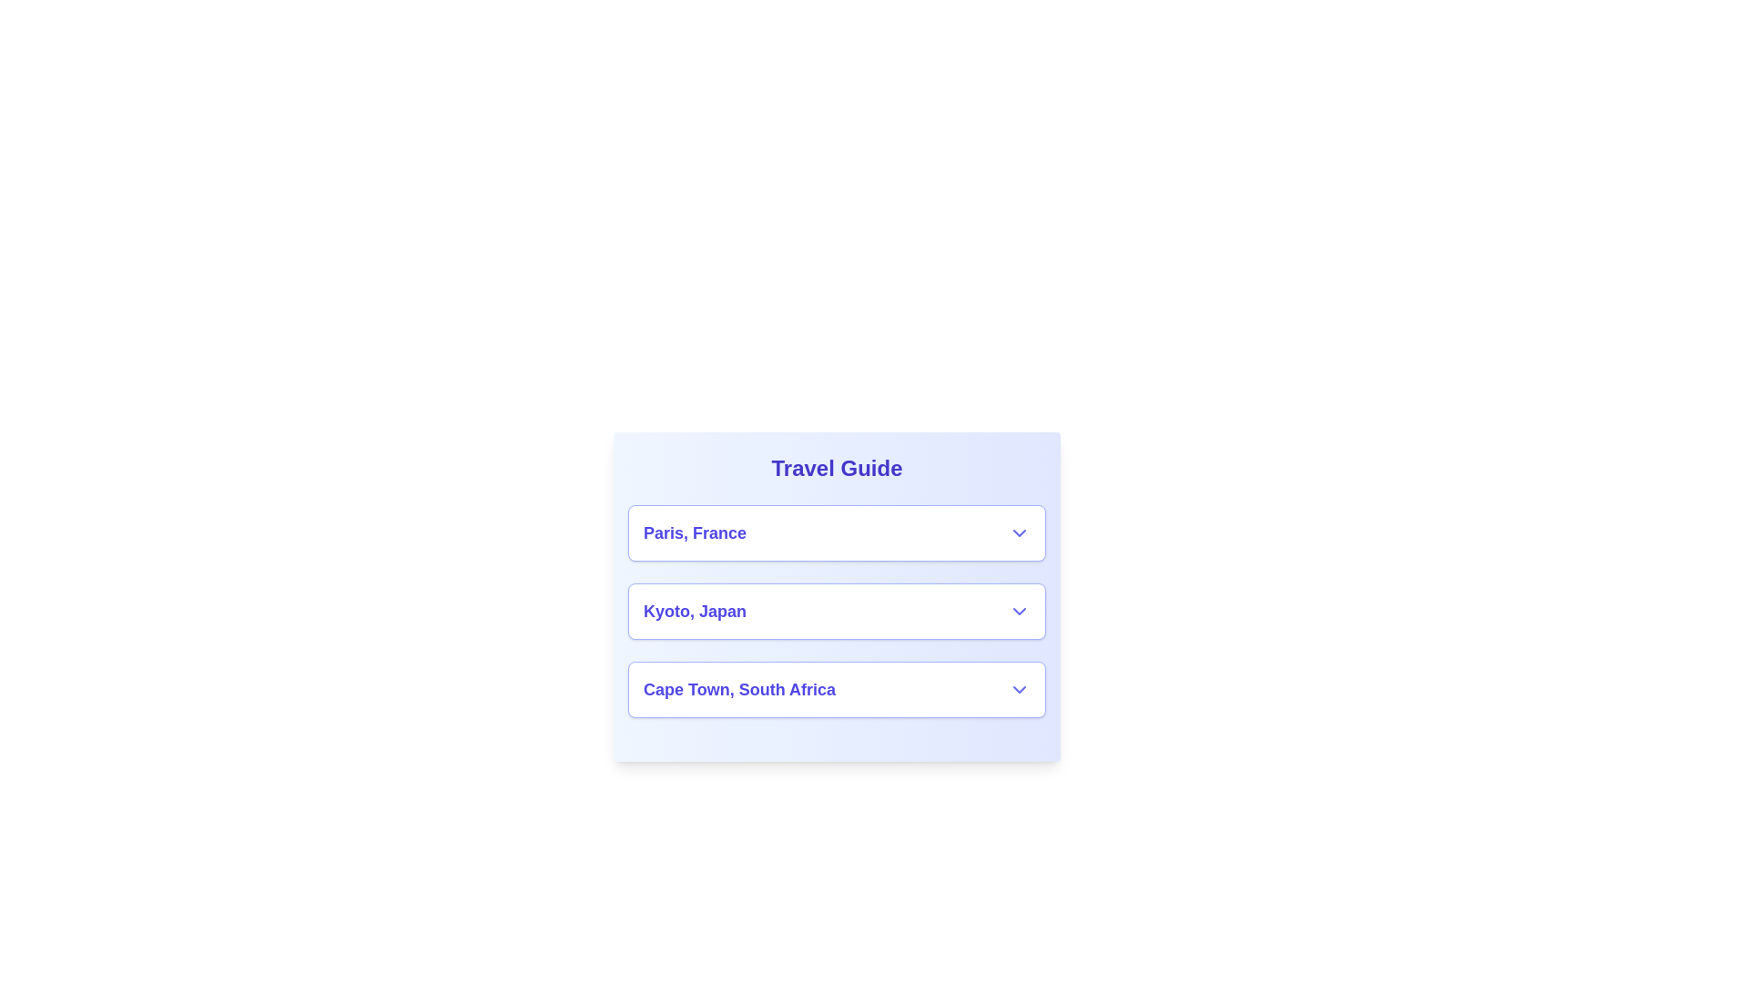  I want to click on the Text Label that serves as a location title for the dropdown menu to possibly highlight it or trigger a tooltip, so click(694, 532).